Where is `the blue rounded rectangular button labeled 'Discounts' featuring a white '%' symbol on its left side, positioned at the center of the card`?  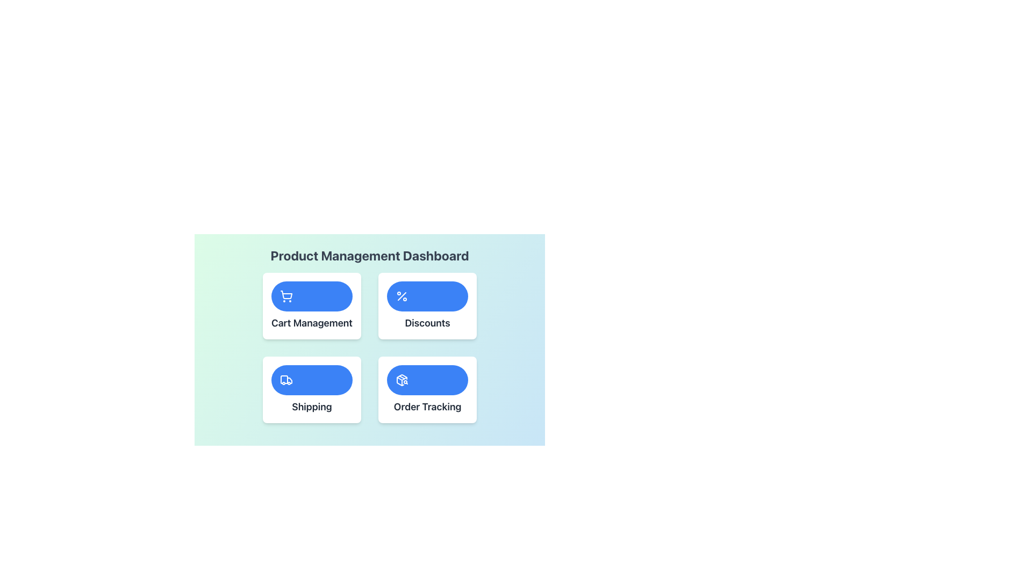 the blue rounded rectangular button labeled 'Discounts' featuring a white '%' symbol on its left side, positioned at the center of the card is located at coordinates (427, 296).